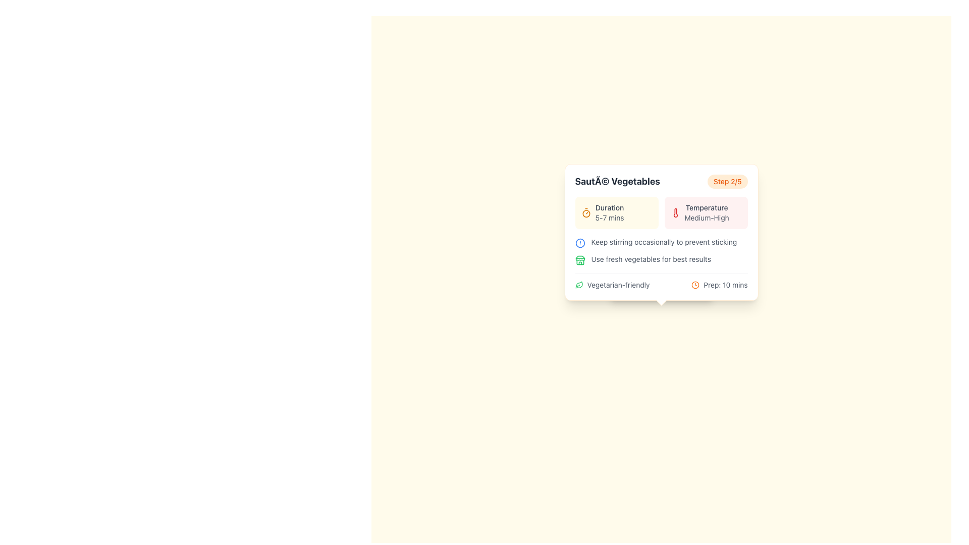 Image resolution: width=969 pixels, height=545 pixels. Describe the element at coordinates (609, 217) in the screenshot. I see `the text label displaying '5-7 mins', which is styled in smaller gray font and located beneath the 'Duration' label within a card-like component` at that location.